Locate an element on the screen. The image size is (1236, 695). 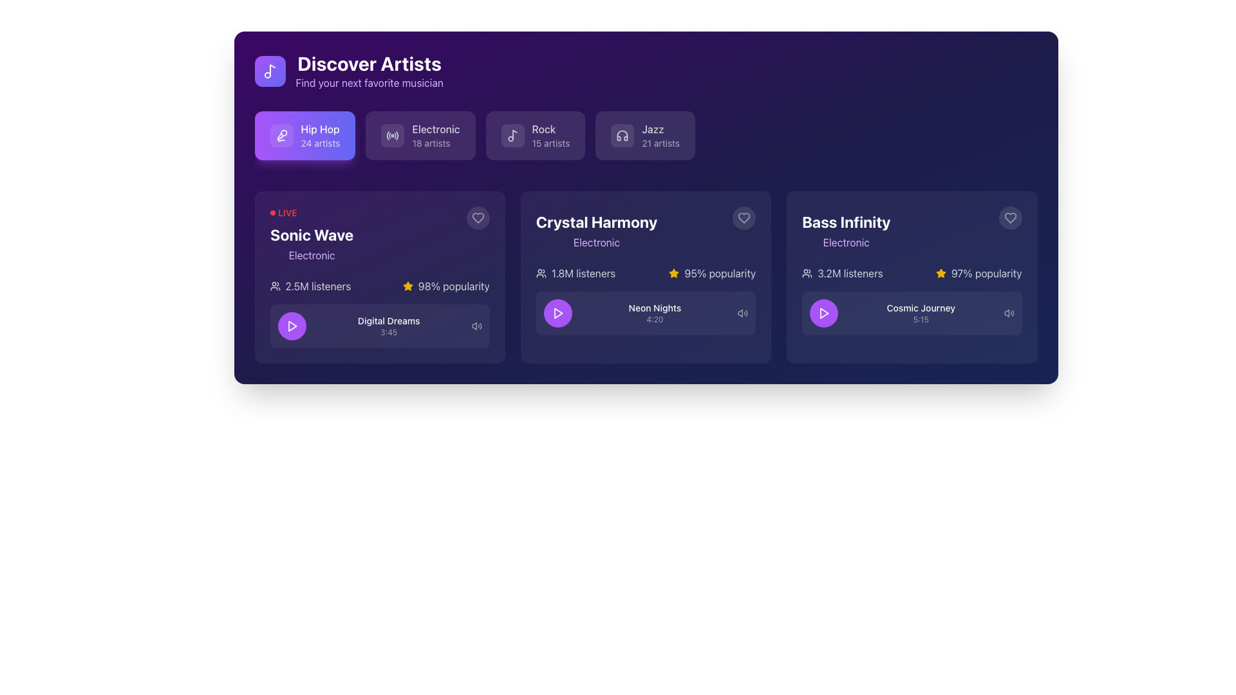
the heart icon in the top right corner of the 'Bass Infinity' card is located at coordinates (1009, 218).